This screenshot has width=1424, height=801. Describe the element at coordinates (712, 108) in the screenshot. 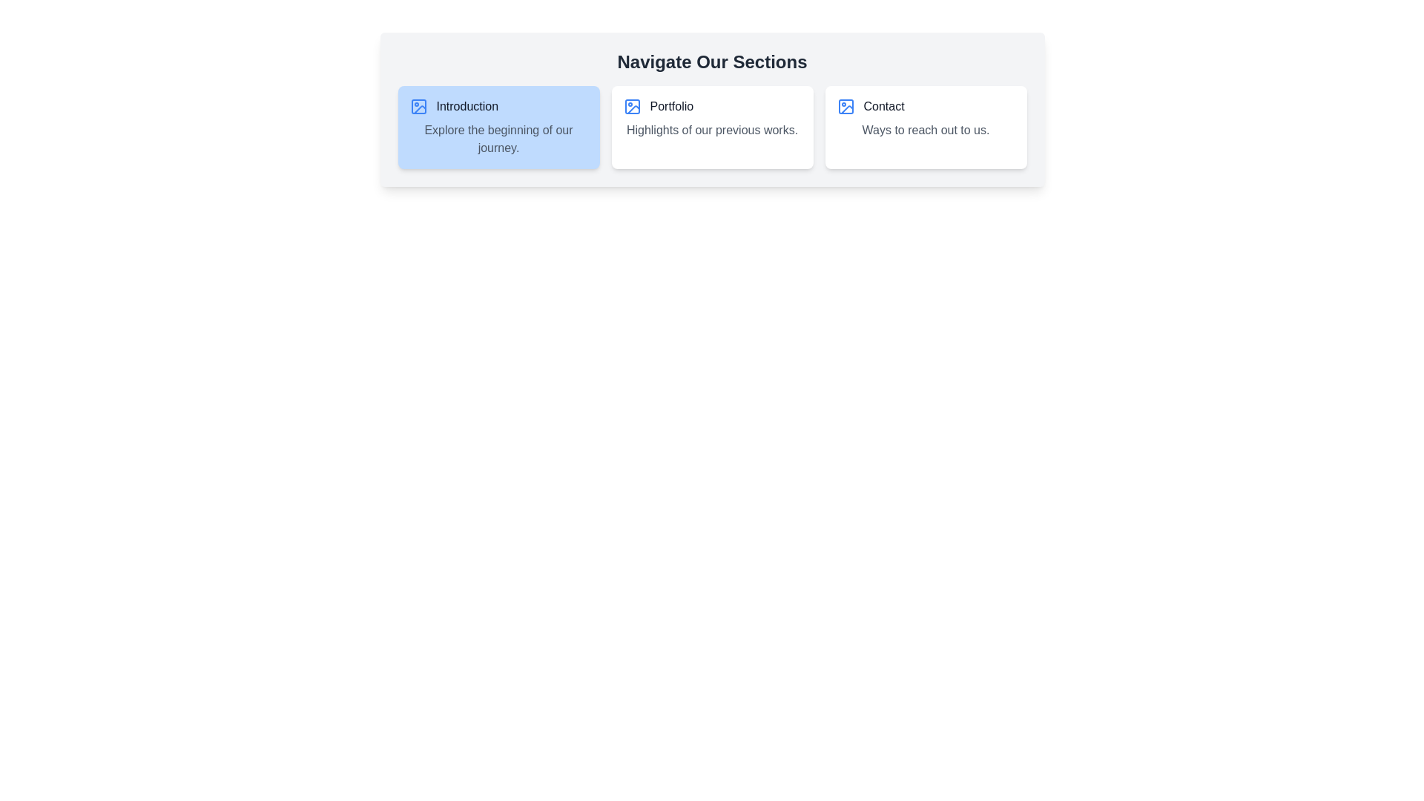

I see `the second card labeled 'Portfolio' in the horizontal layout of three cards, positioned below the title 'Navigate Our Sections.'` at that location.